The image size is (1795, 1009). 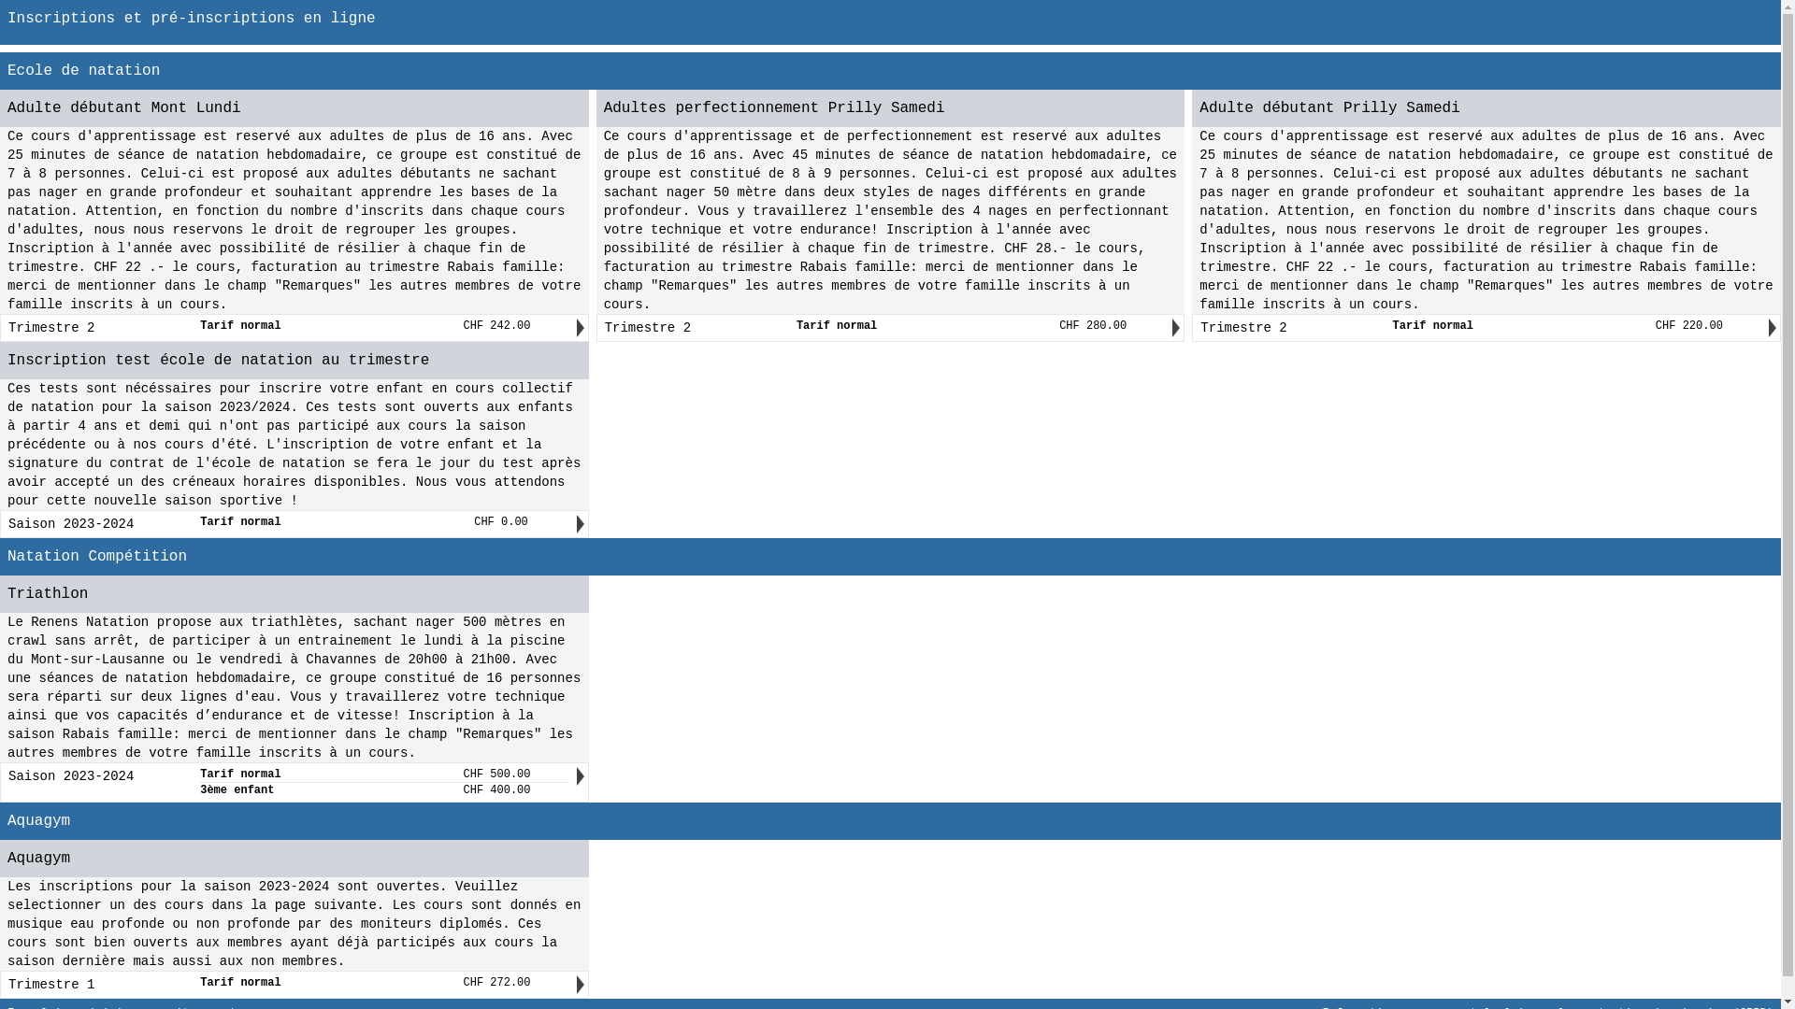 I want to click on 'Saison 2023-2024, so click(x=287, y=523).